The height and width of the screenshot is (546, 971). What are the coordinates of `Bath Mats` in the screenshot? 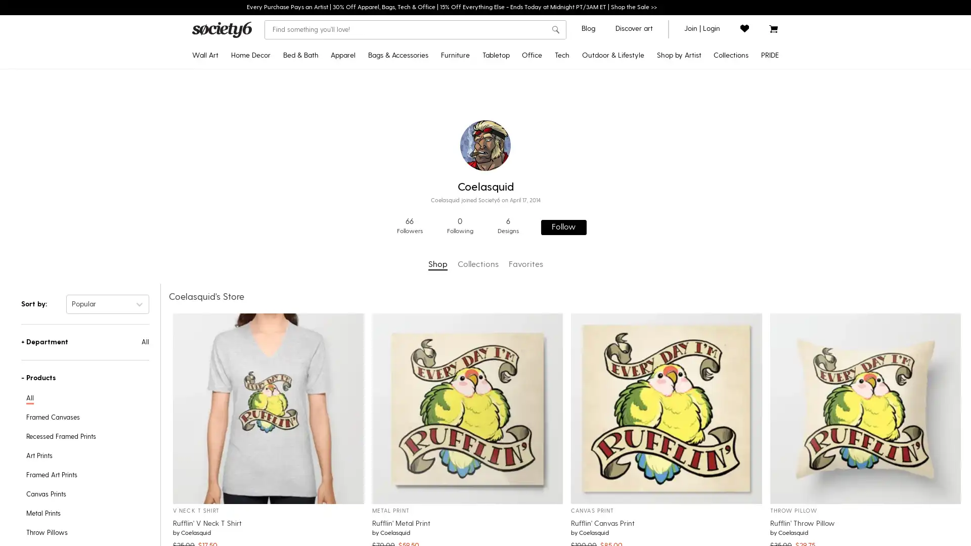 It's located at (322, 146).